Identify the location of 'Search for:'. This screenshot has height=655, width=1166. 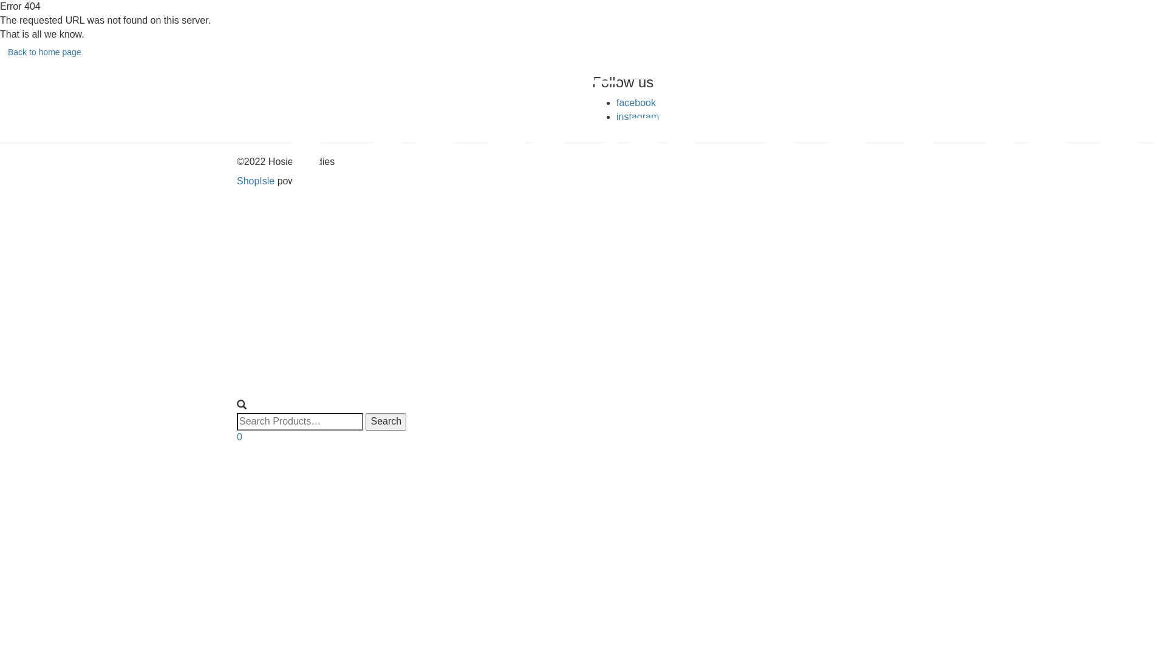
(300, 421).